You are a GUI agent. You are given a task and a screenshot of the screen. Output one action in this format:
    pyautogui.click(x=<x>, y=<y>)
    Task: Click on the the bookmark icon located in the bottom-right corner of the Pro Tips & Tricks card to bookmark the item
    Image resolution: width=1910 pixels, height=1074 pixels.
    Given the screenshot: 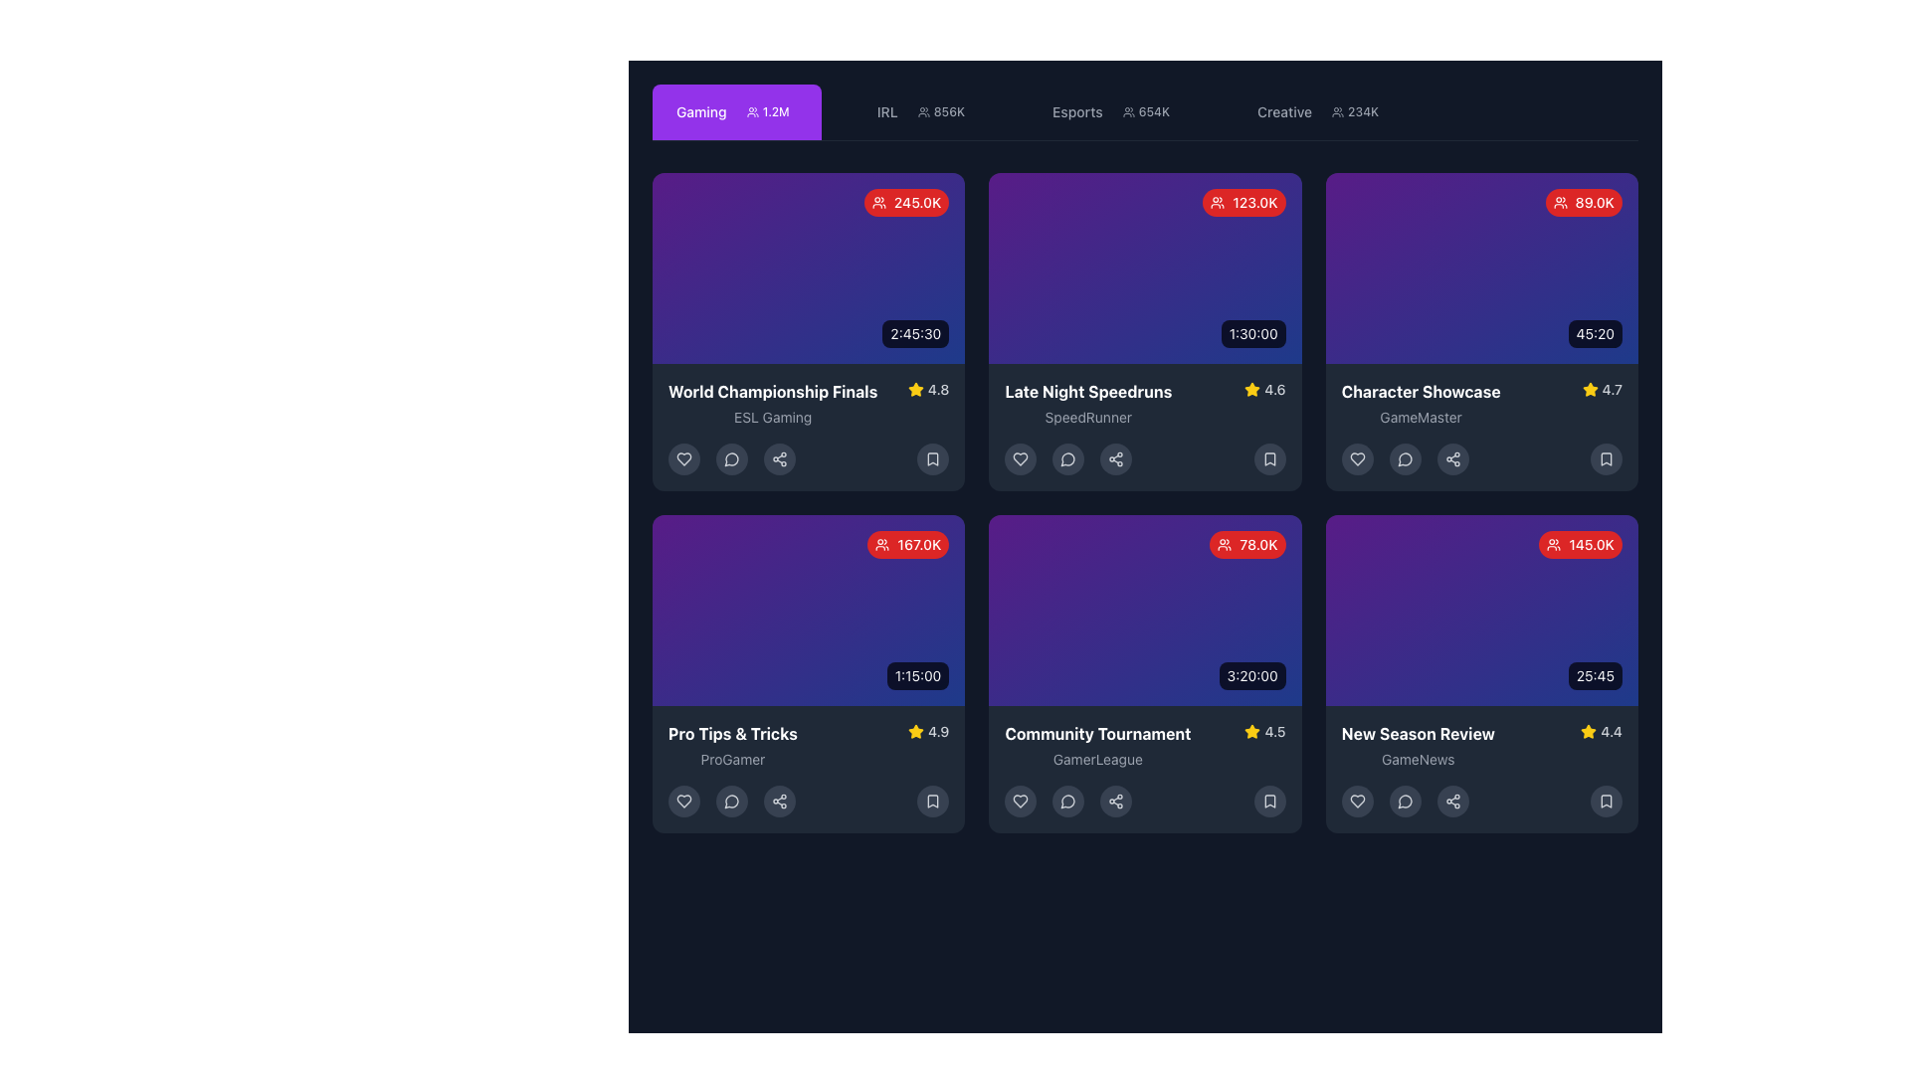 What is the action you would take?
    pyautogui.click(x=931, y=801)
    